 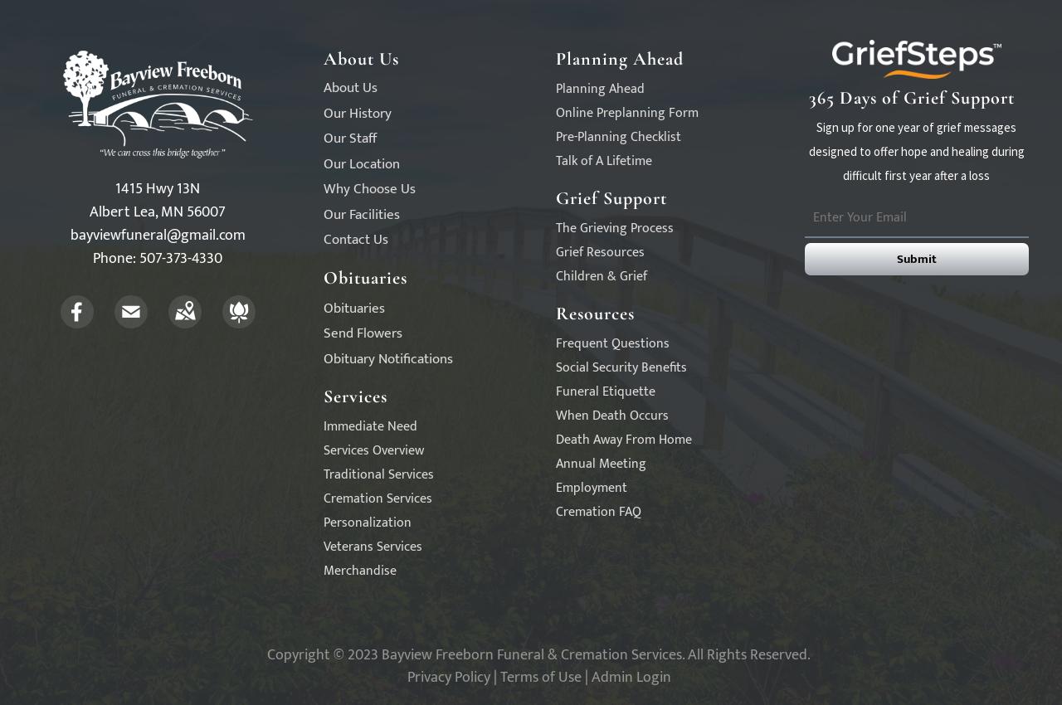 I want to click on '2023', so click(x=362, y=654).